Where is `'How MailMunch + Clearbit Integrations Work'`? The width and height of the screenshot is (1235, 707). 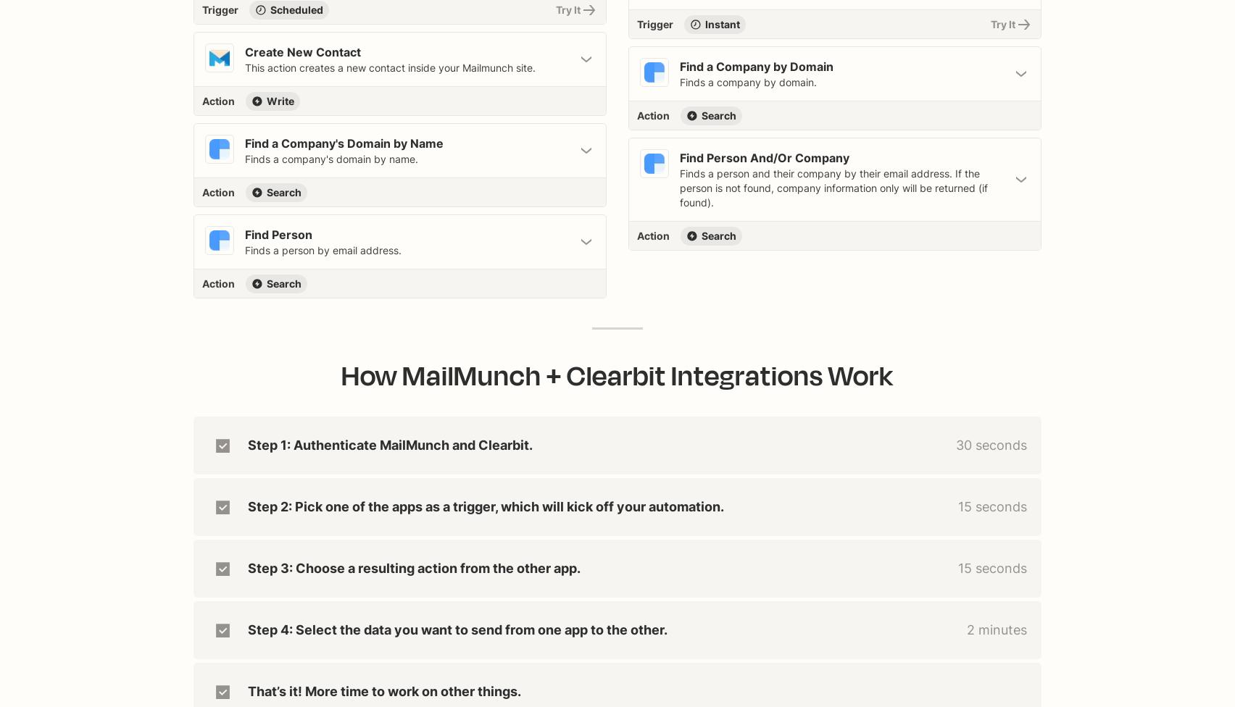
'How MailMunch + Clearbit Integrations Work' is located at coordinates (617, 376).